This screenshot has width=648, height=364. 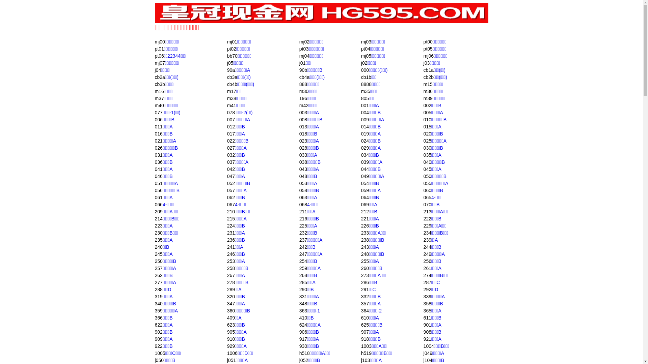 I want to click on '360', so click(x=231, y=310).